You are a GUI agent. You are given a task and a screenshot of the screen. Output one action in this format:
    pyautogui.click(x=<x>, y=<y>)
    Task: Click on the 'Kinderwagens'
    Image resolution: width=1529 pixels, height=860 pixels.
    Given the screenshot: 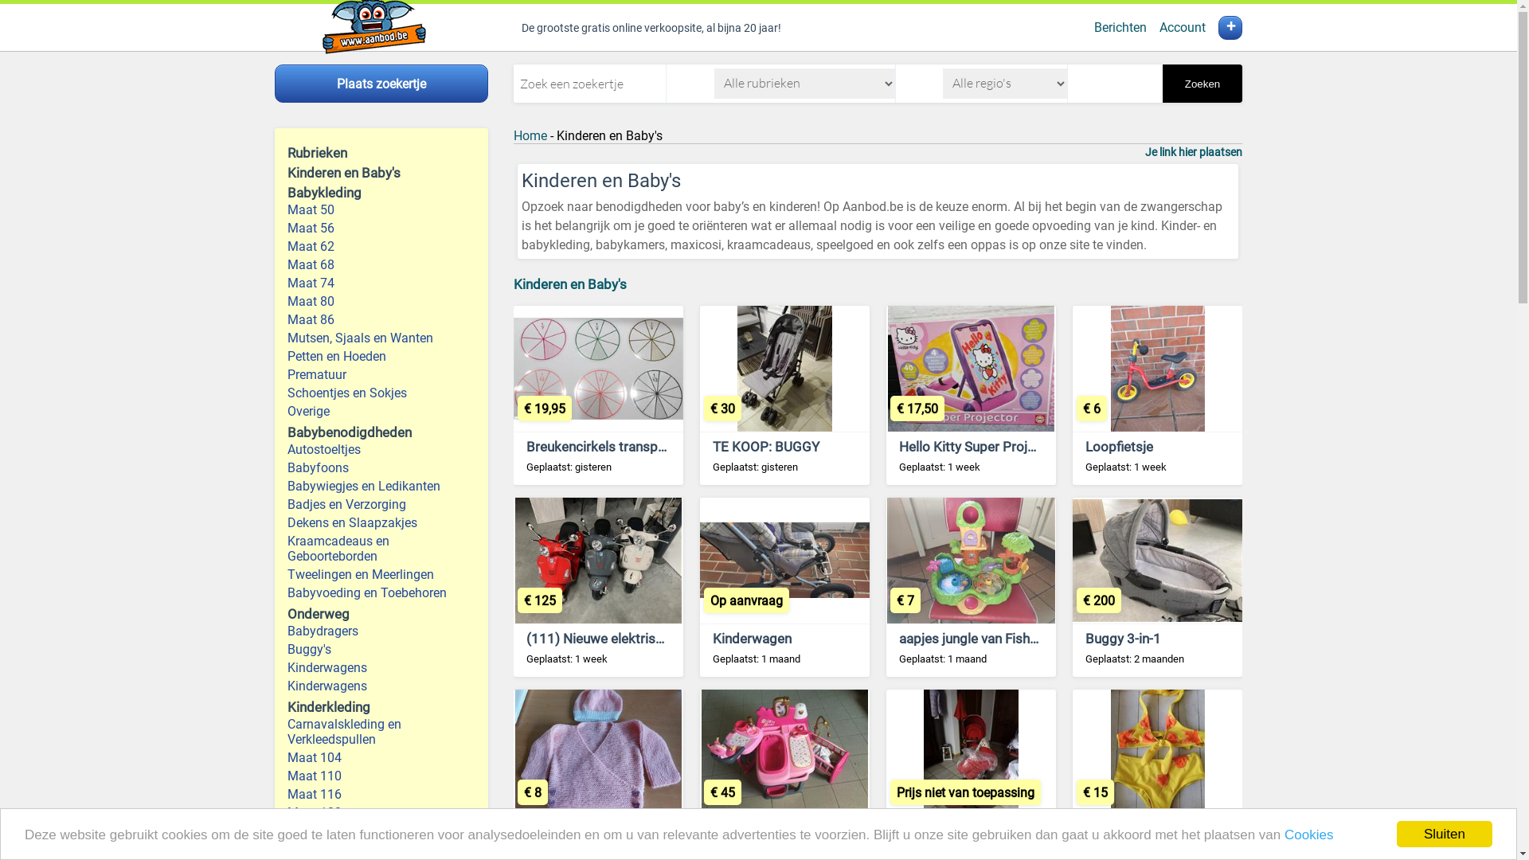 What is the action you would take?
    pyautogui.click(x=287, y=685)
    